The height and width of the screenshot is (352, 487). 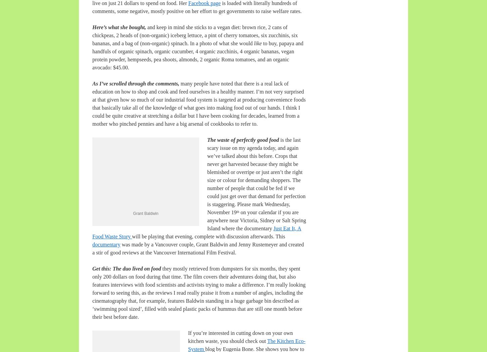 What do you see at coordinates (92, 248) in the screenshot?
I see `'was made by a Vancouver couple, Grant Baldwin and Jenny Rustemeyer and created a stir of good reviews at the Vancouver International Film Festival.'` at bounding box center [92, 248].